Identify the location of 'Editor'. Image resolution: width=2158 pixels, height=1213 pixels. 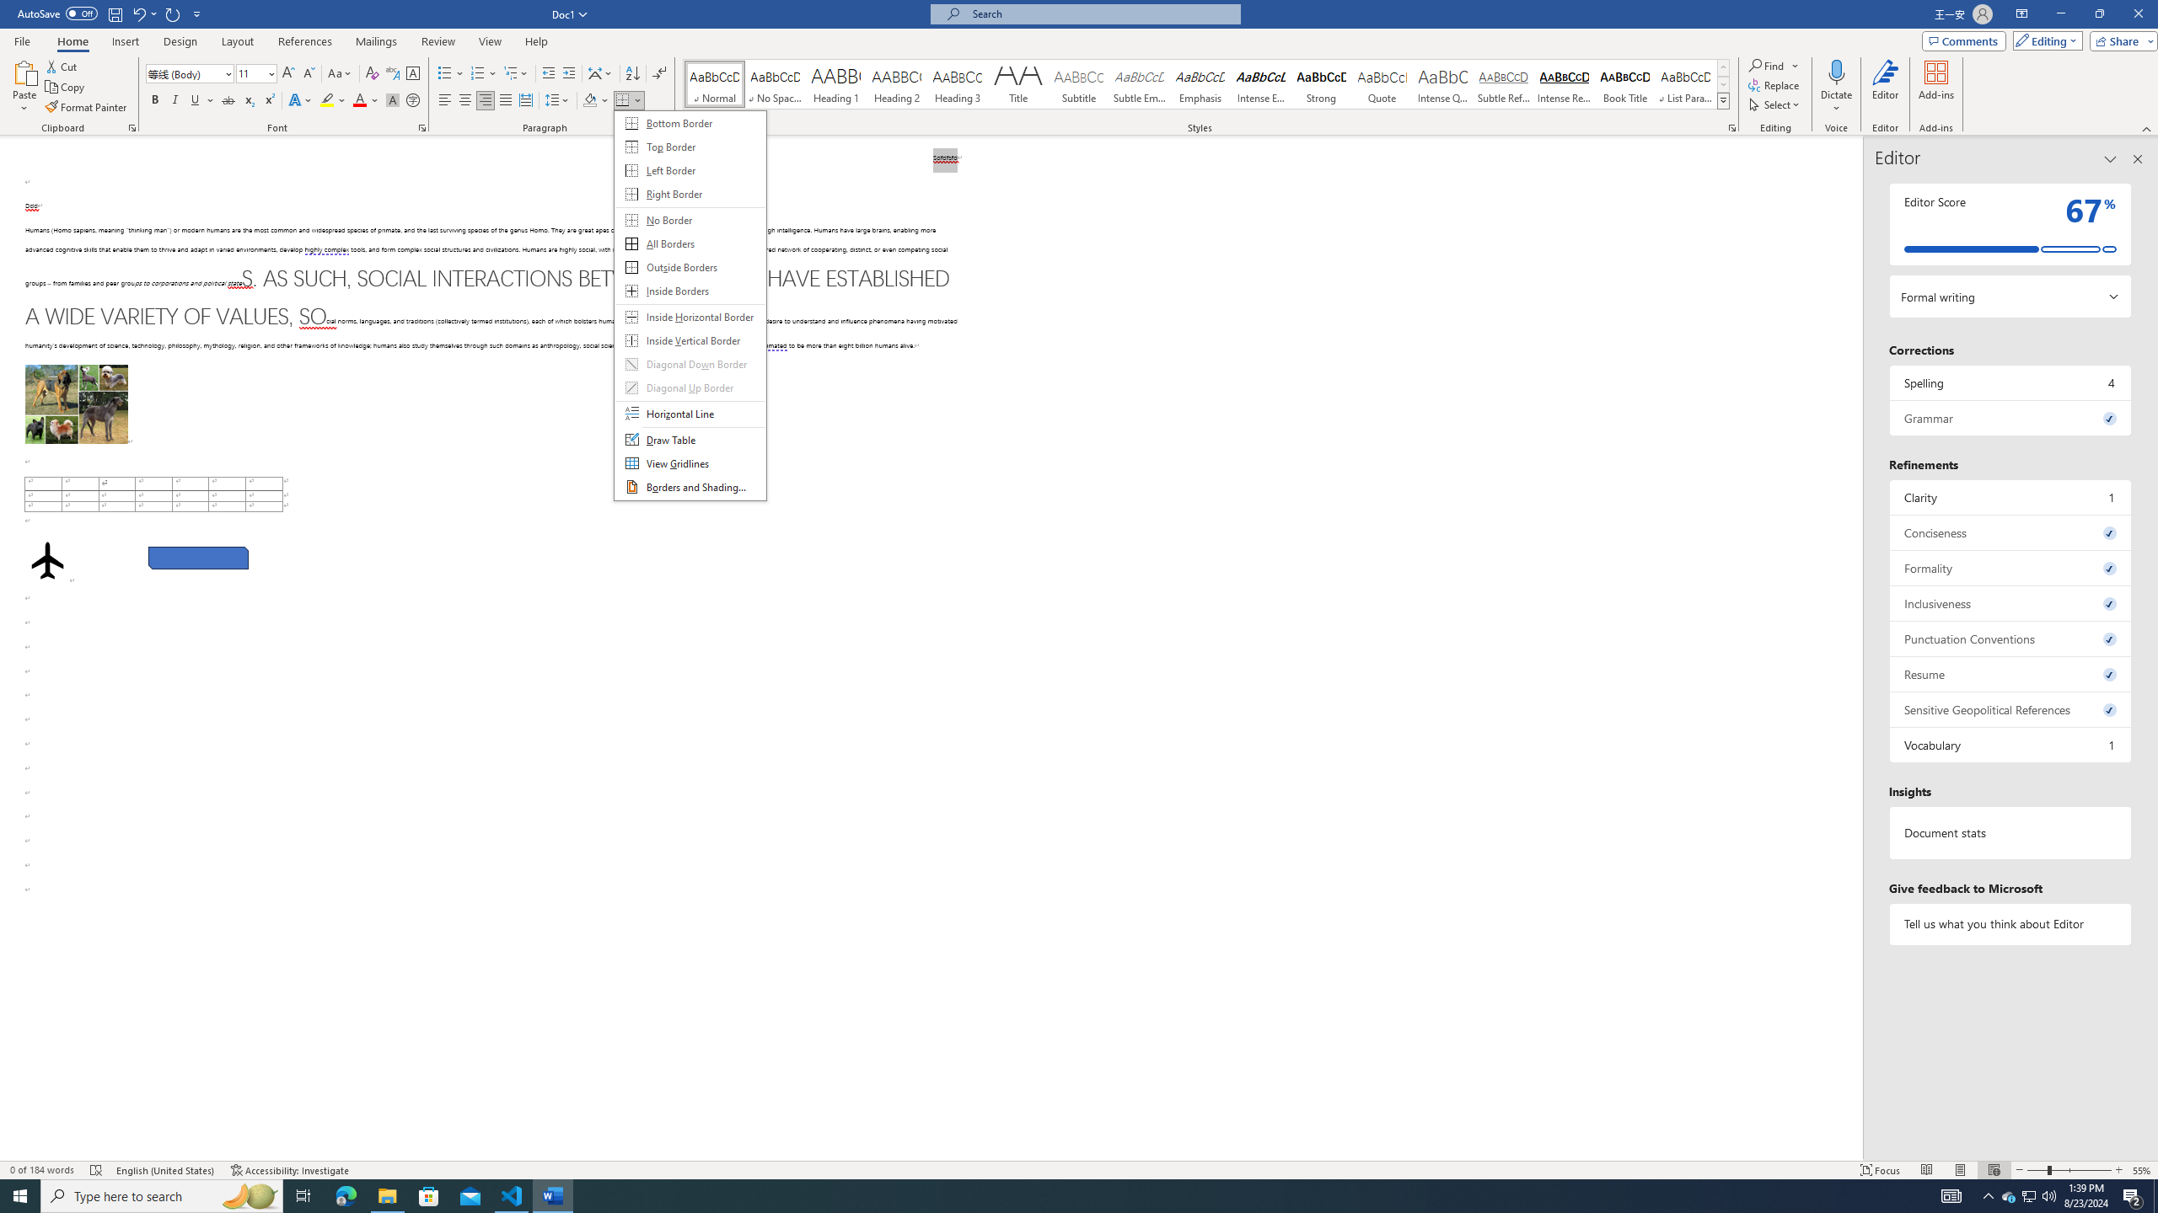
(1886, 87).